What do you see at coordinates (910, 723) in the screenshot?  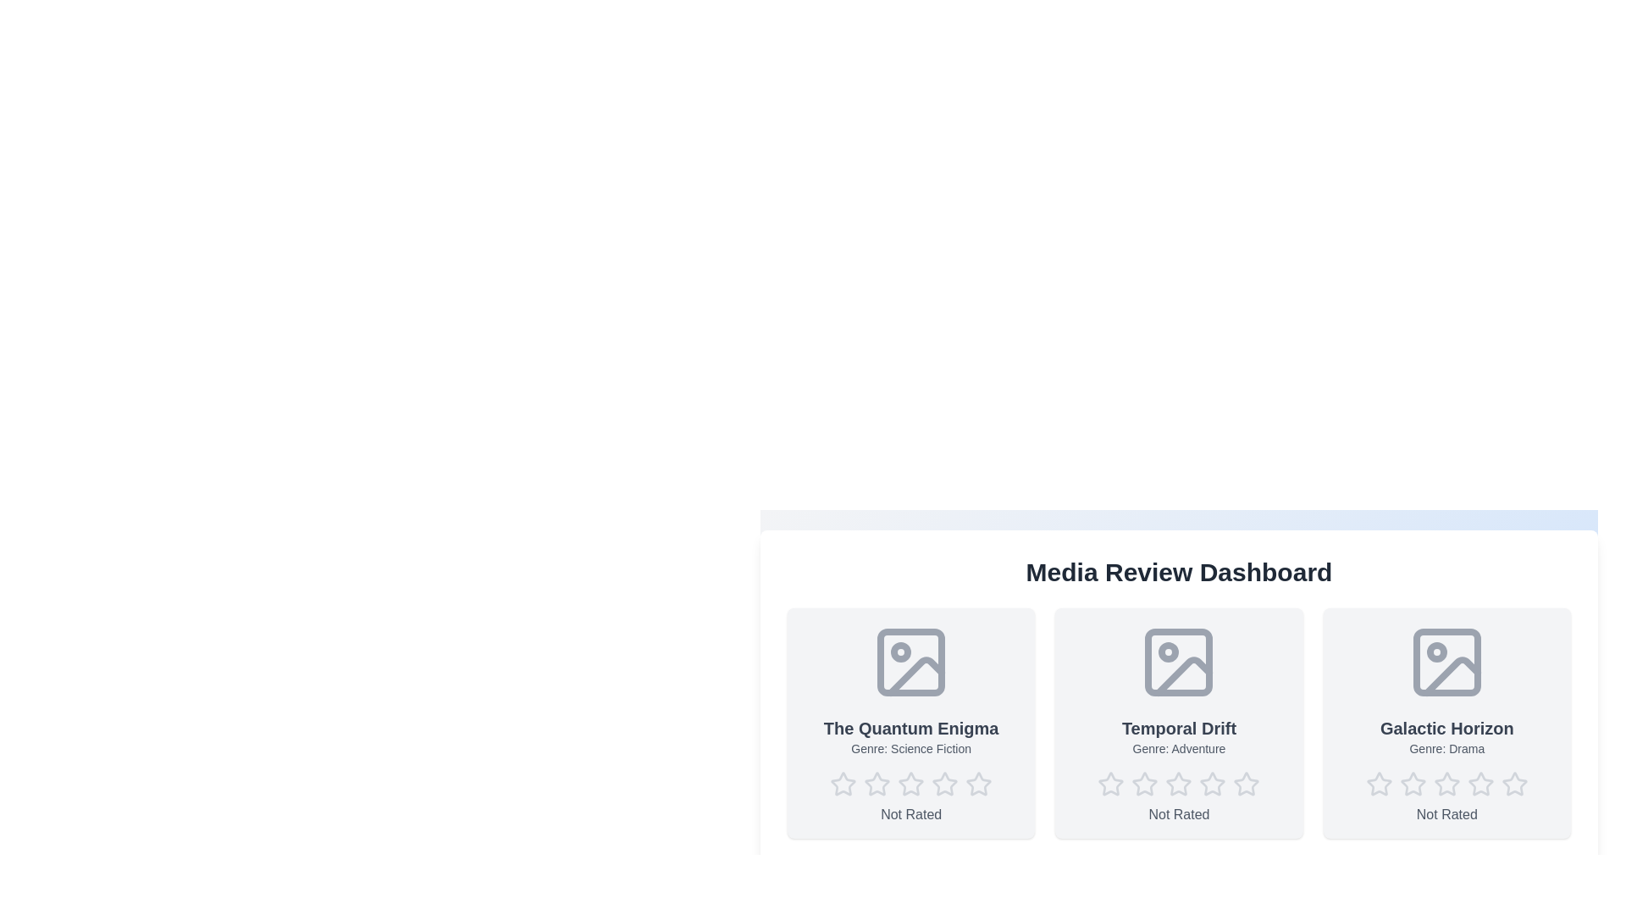 I see `the media card for The Quantum Enigma` at bounding box center [910, 723].